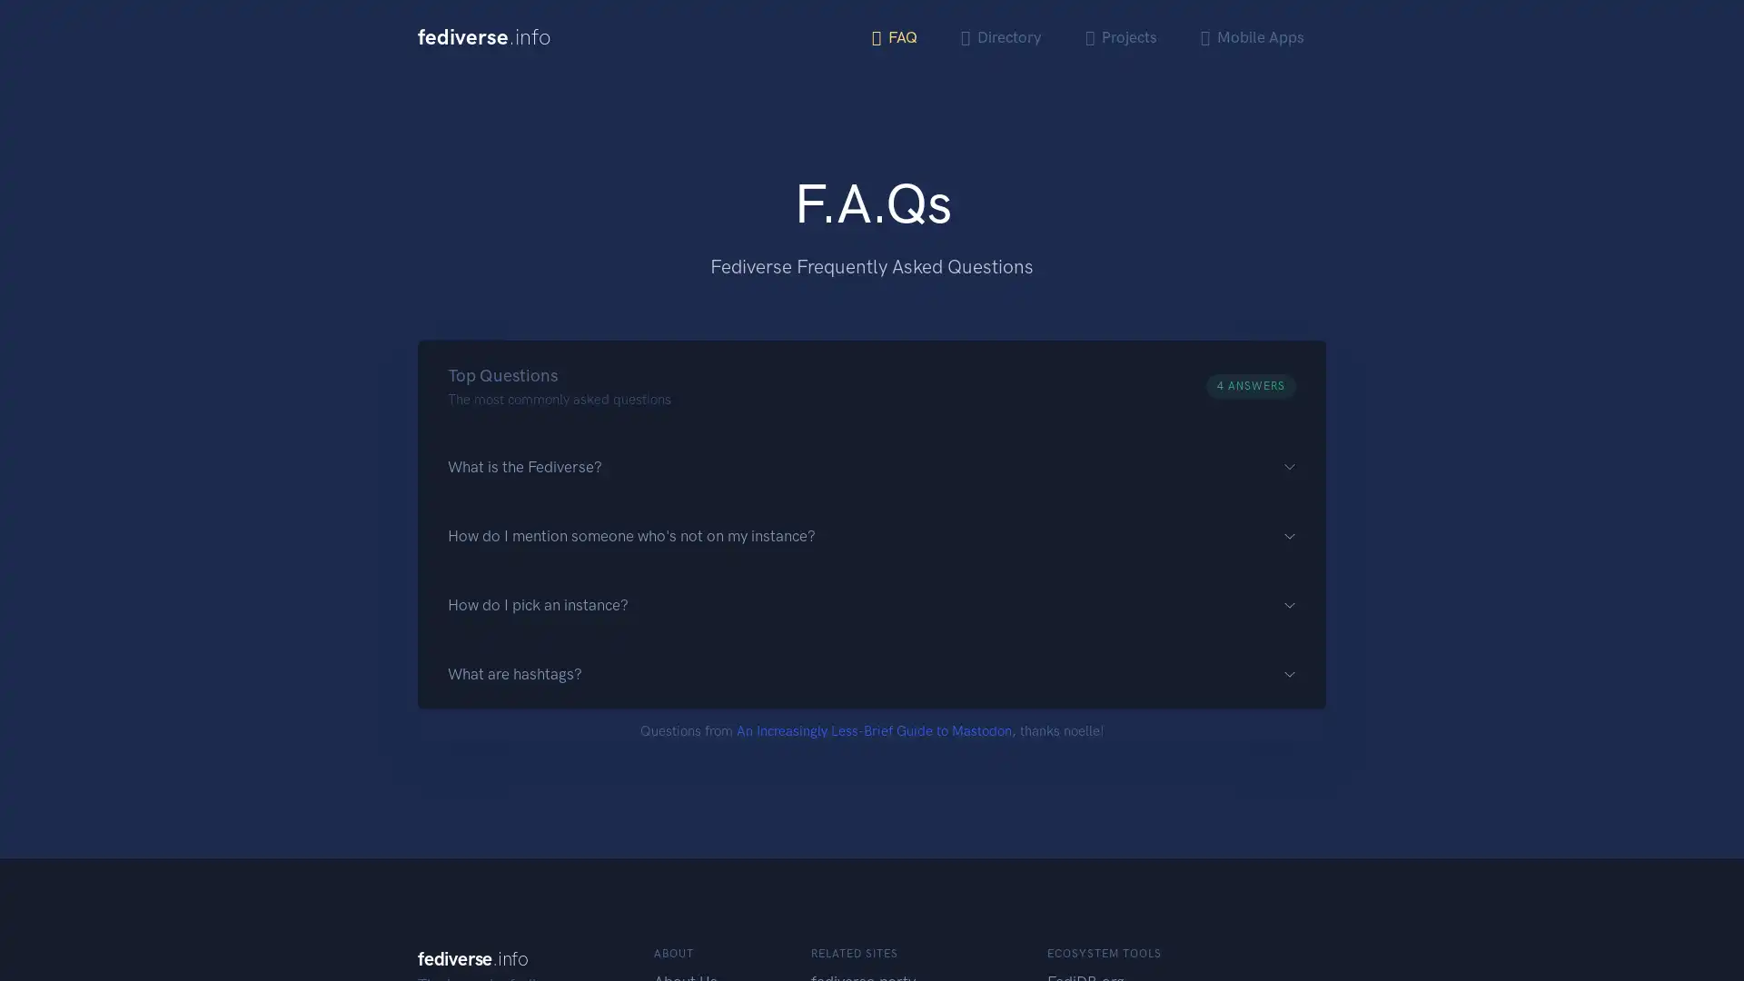  I want to click on Top Questions The most commonly asked questions 4 ANSWERS, so click(872, 384).